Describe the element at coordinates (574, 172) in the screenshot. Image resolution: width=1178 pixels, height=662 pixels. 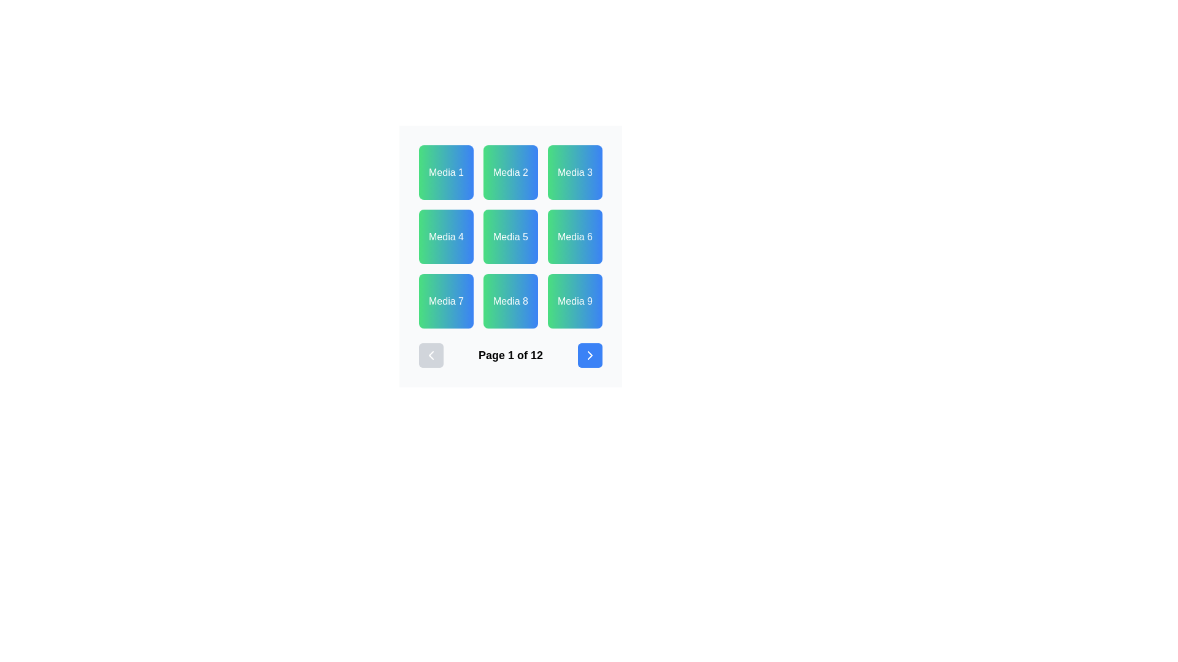
I see `the 'Media 3' button, which is a square-shaped tile with rounded corners, featuring a gradient background from green to blue and white centered text` at that location.